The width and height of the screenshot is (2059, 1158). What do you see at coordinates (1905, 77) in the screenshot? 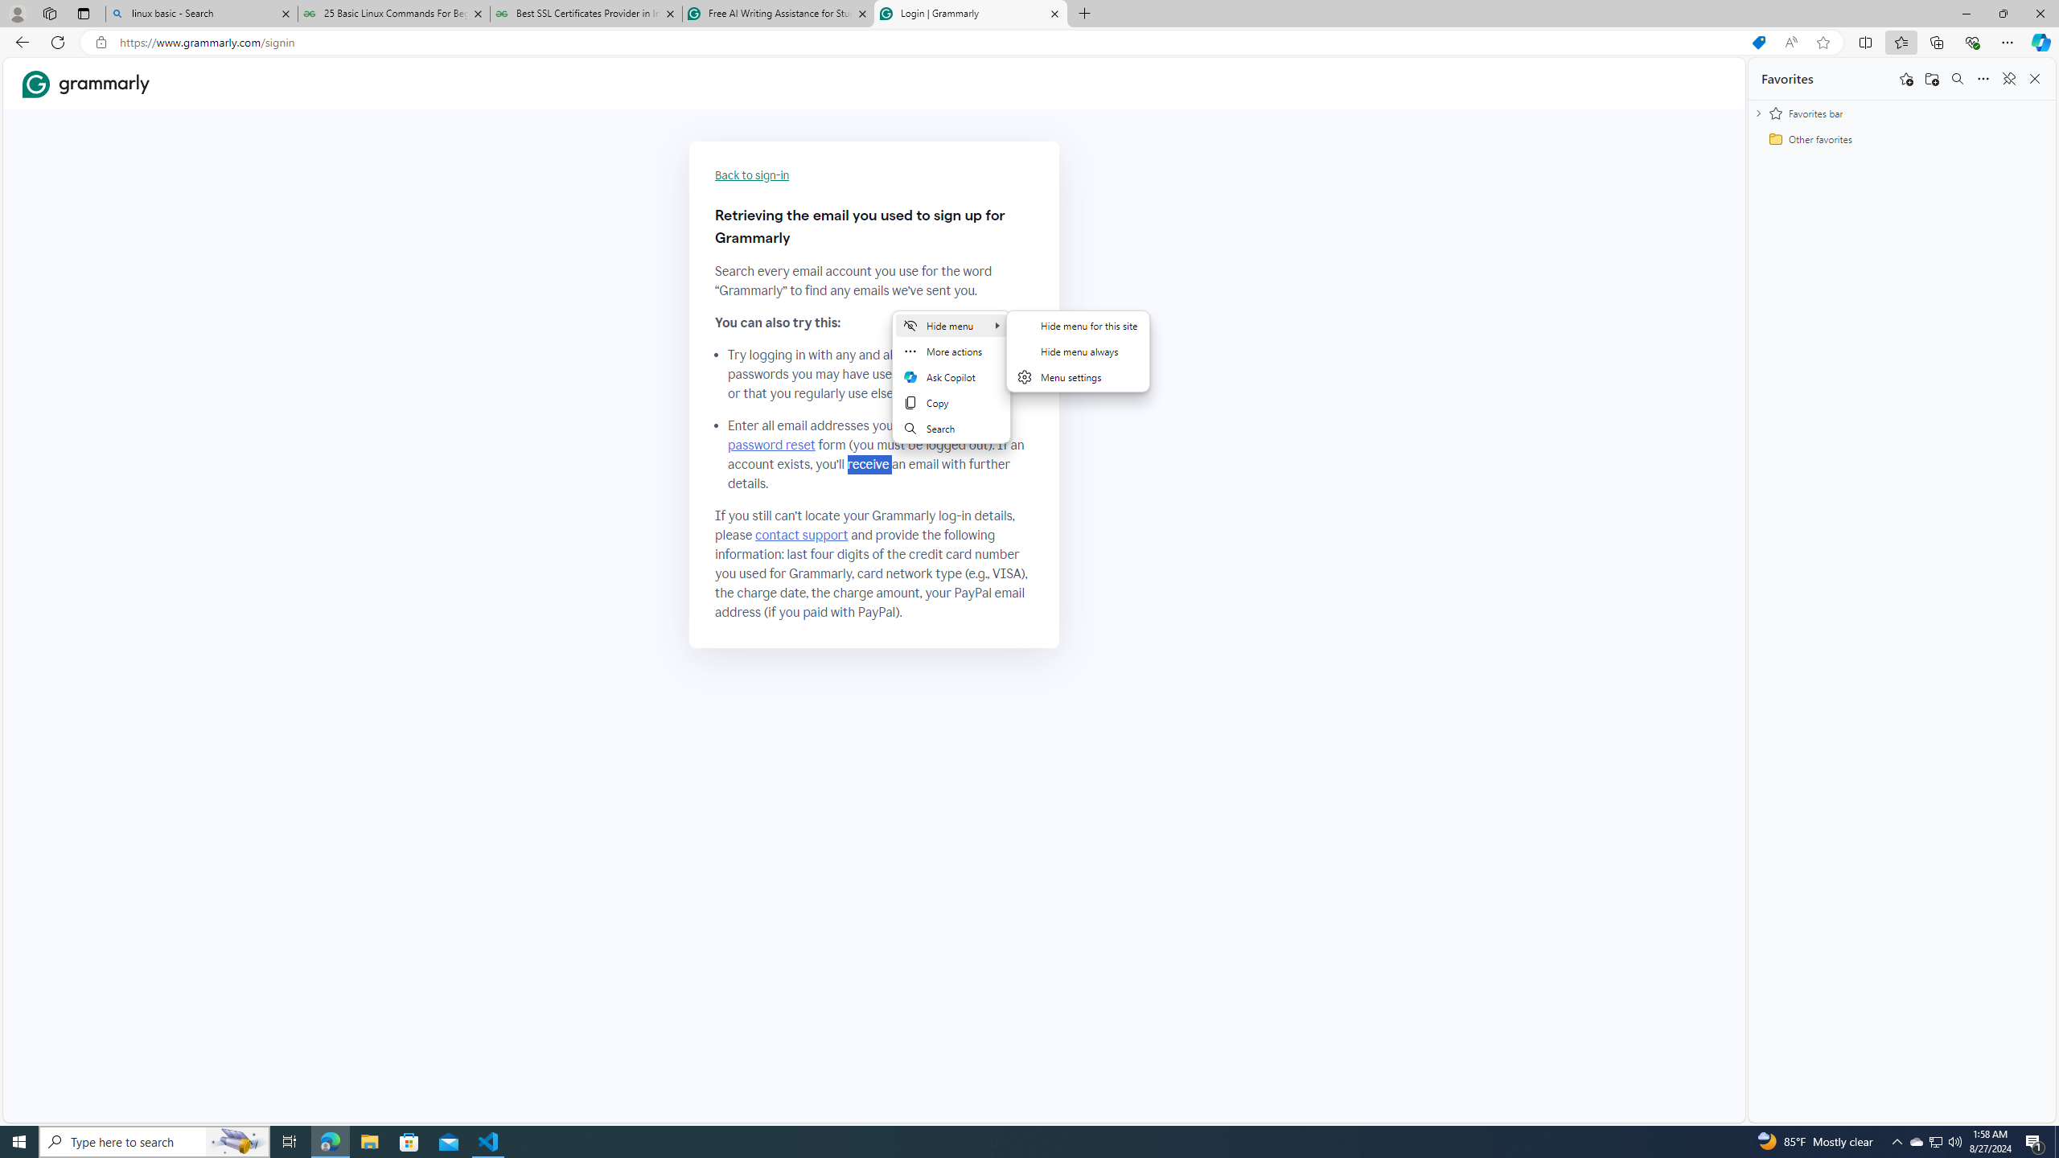
I see `'Add this page to favorites'` at bounding box center [1905, 77].